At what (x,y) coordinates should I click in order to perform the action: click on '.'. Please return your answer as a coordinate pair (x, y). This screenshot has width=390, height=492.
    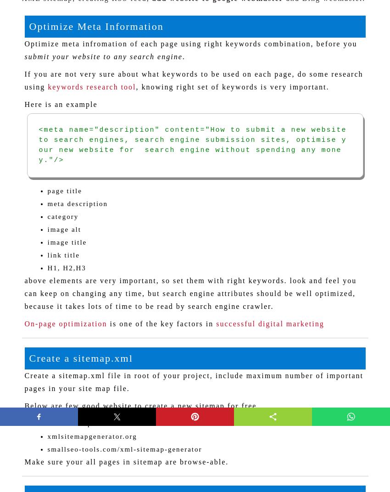
    Looking at the image, I should click on (182, 56).